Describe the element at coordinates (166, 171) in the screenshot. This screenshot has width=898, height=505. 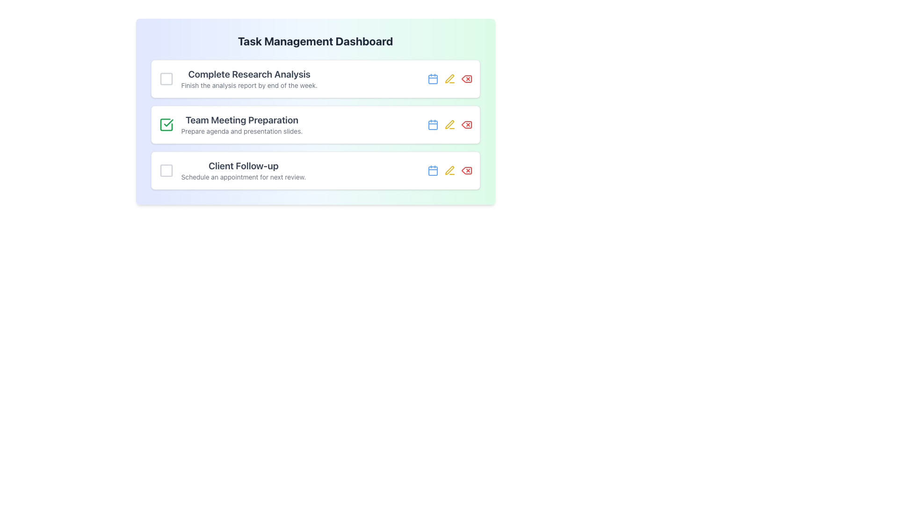
I see `the interactive checkbox for 'Client Follow-up' to activate it` at that location.